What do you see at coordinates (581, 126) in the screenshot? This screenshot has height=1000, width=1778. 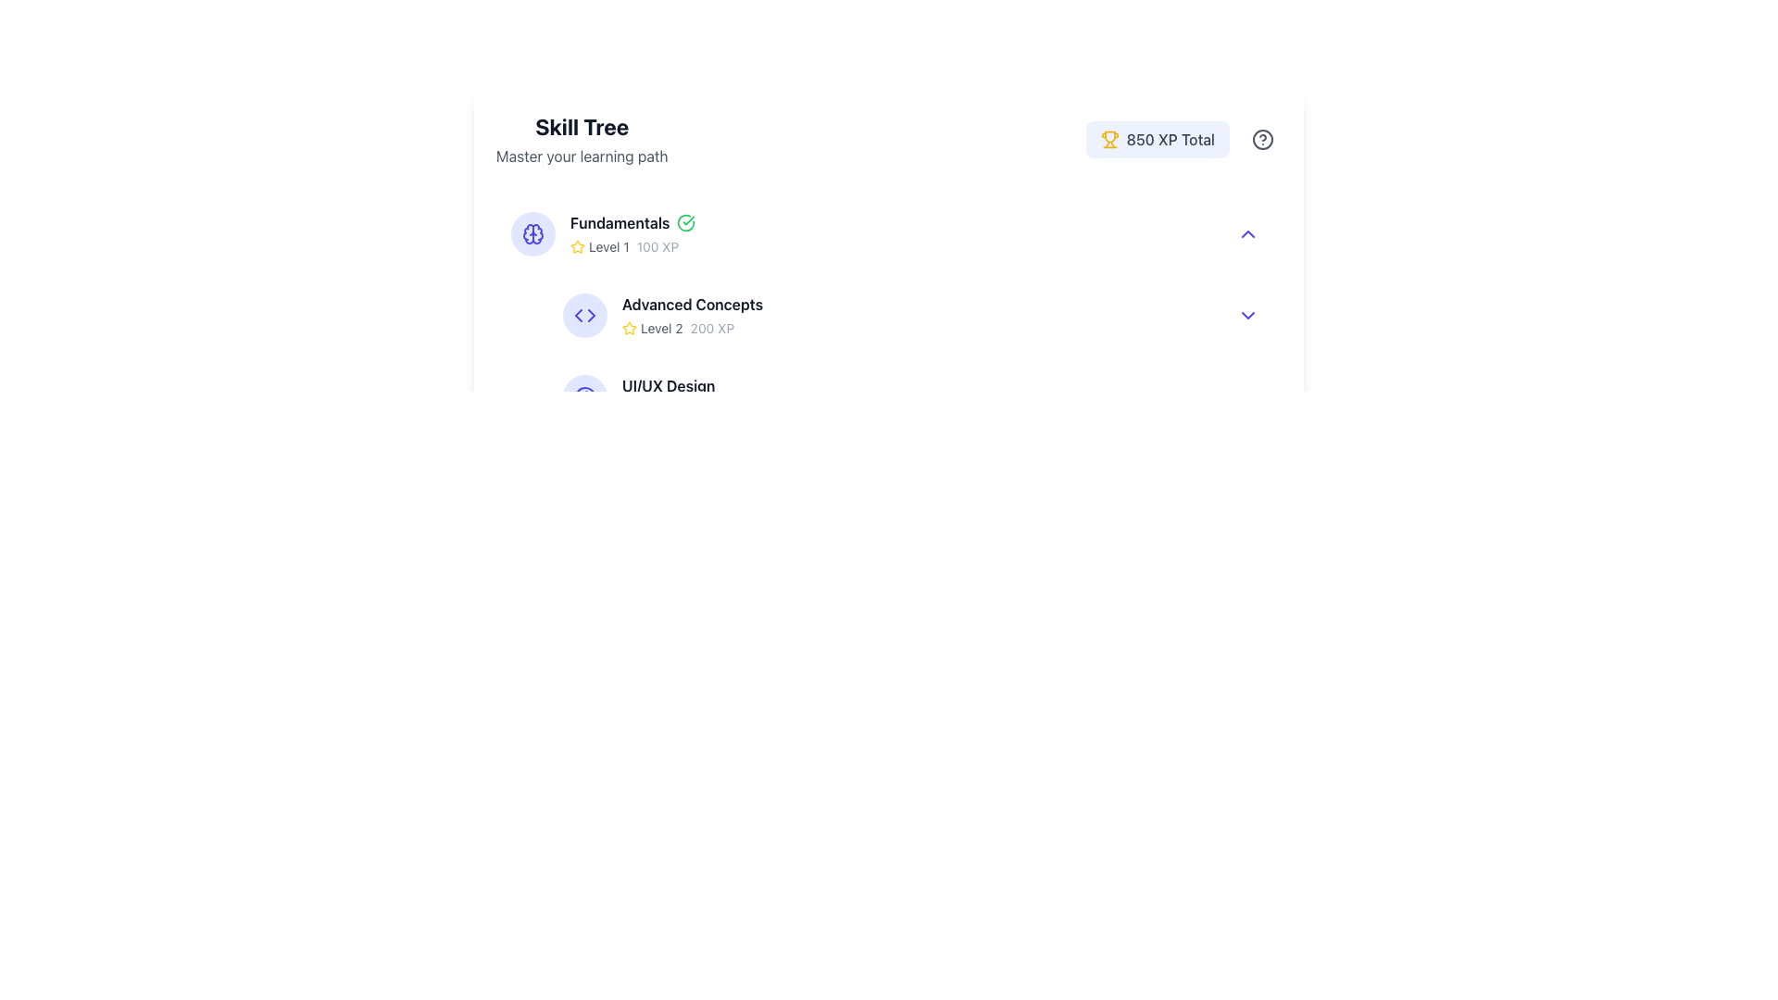 I see `text element that displays 'Skill Tree' in bold, dark font, located at the top of the educational content section` at bounding box center [581, 126].